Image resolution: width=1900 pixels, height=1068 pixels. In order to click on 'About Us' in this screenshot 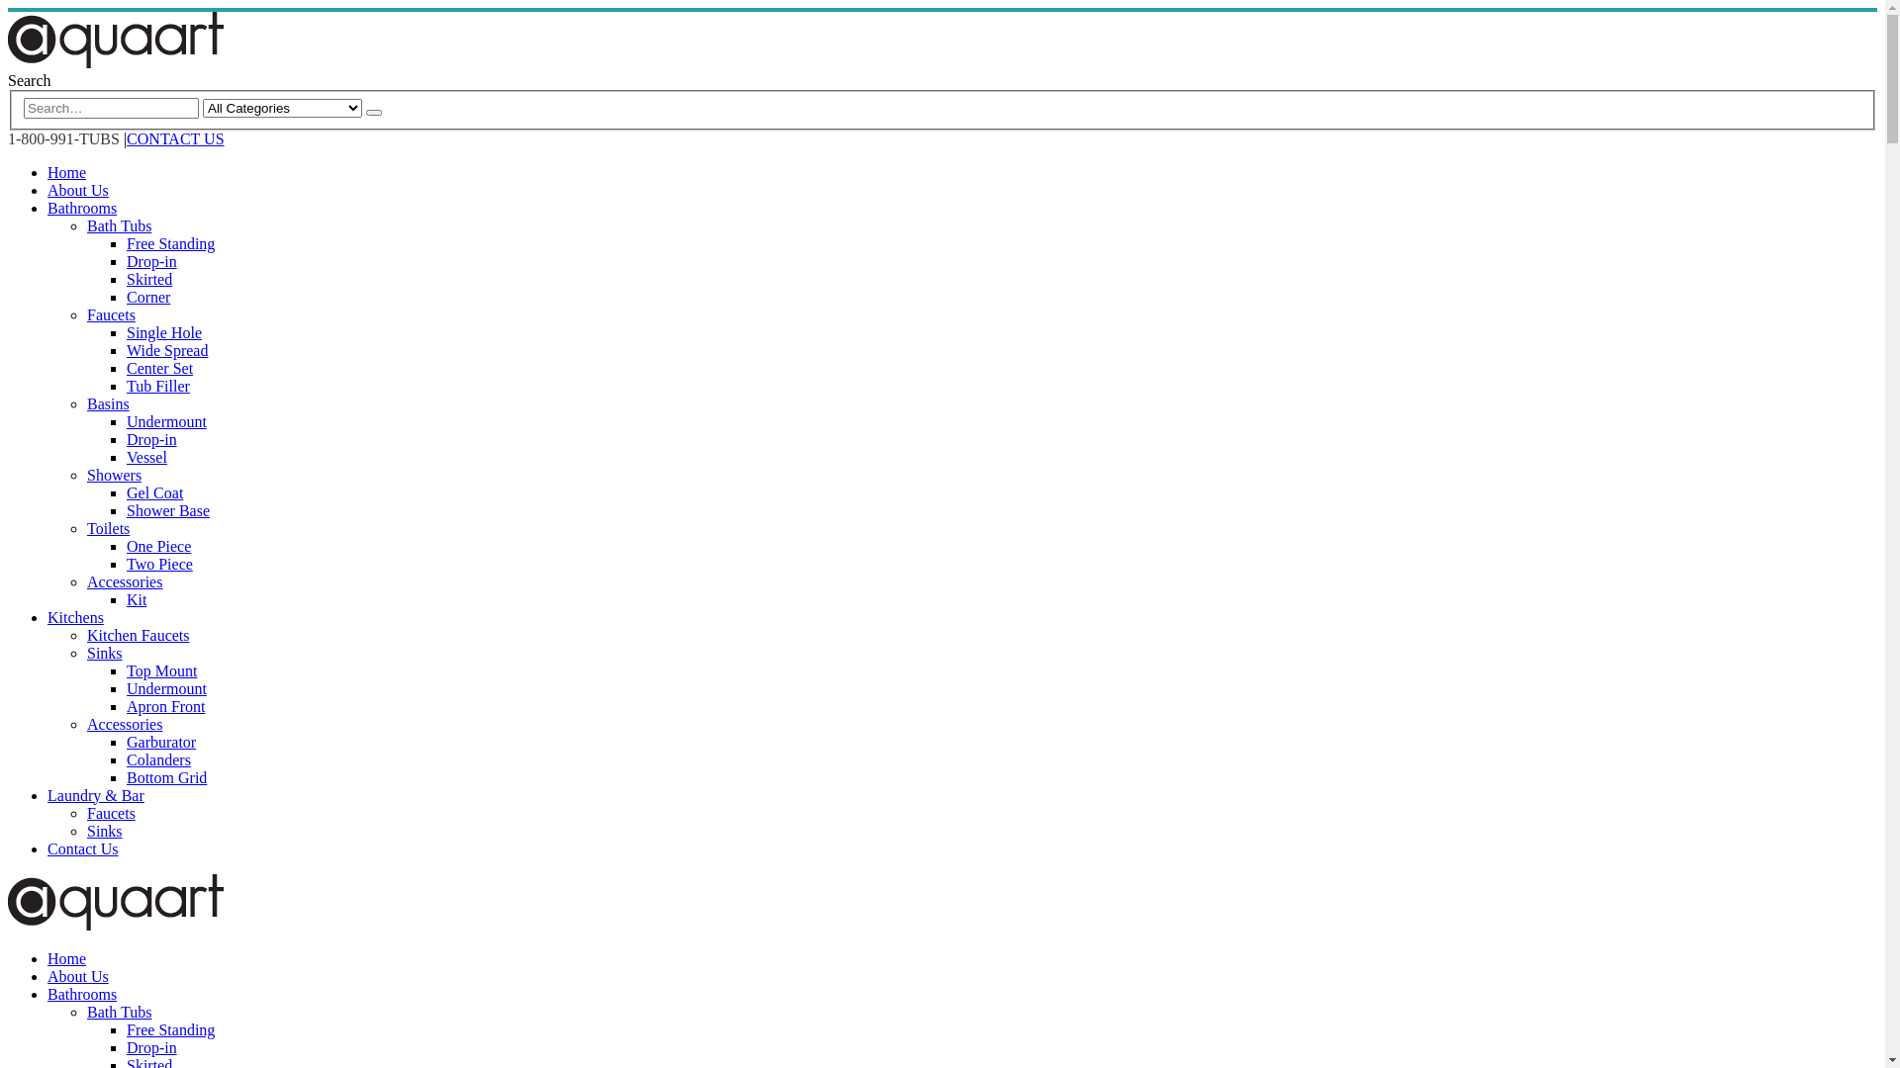, I will do `click(47, 190)`.